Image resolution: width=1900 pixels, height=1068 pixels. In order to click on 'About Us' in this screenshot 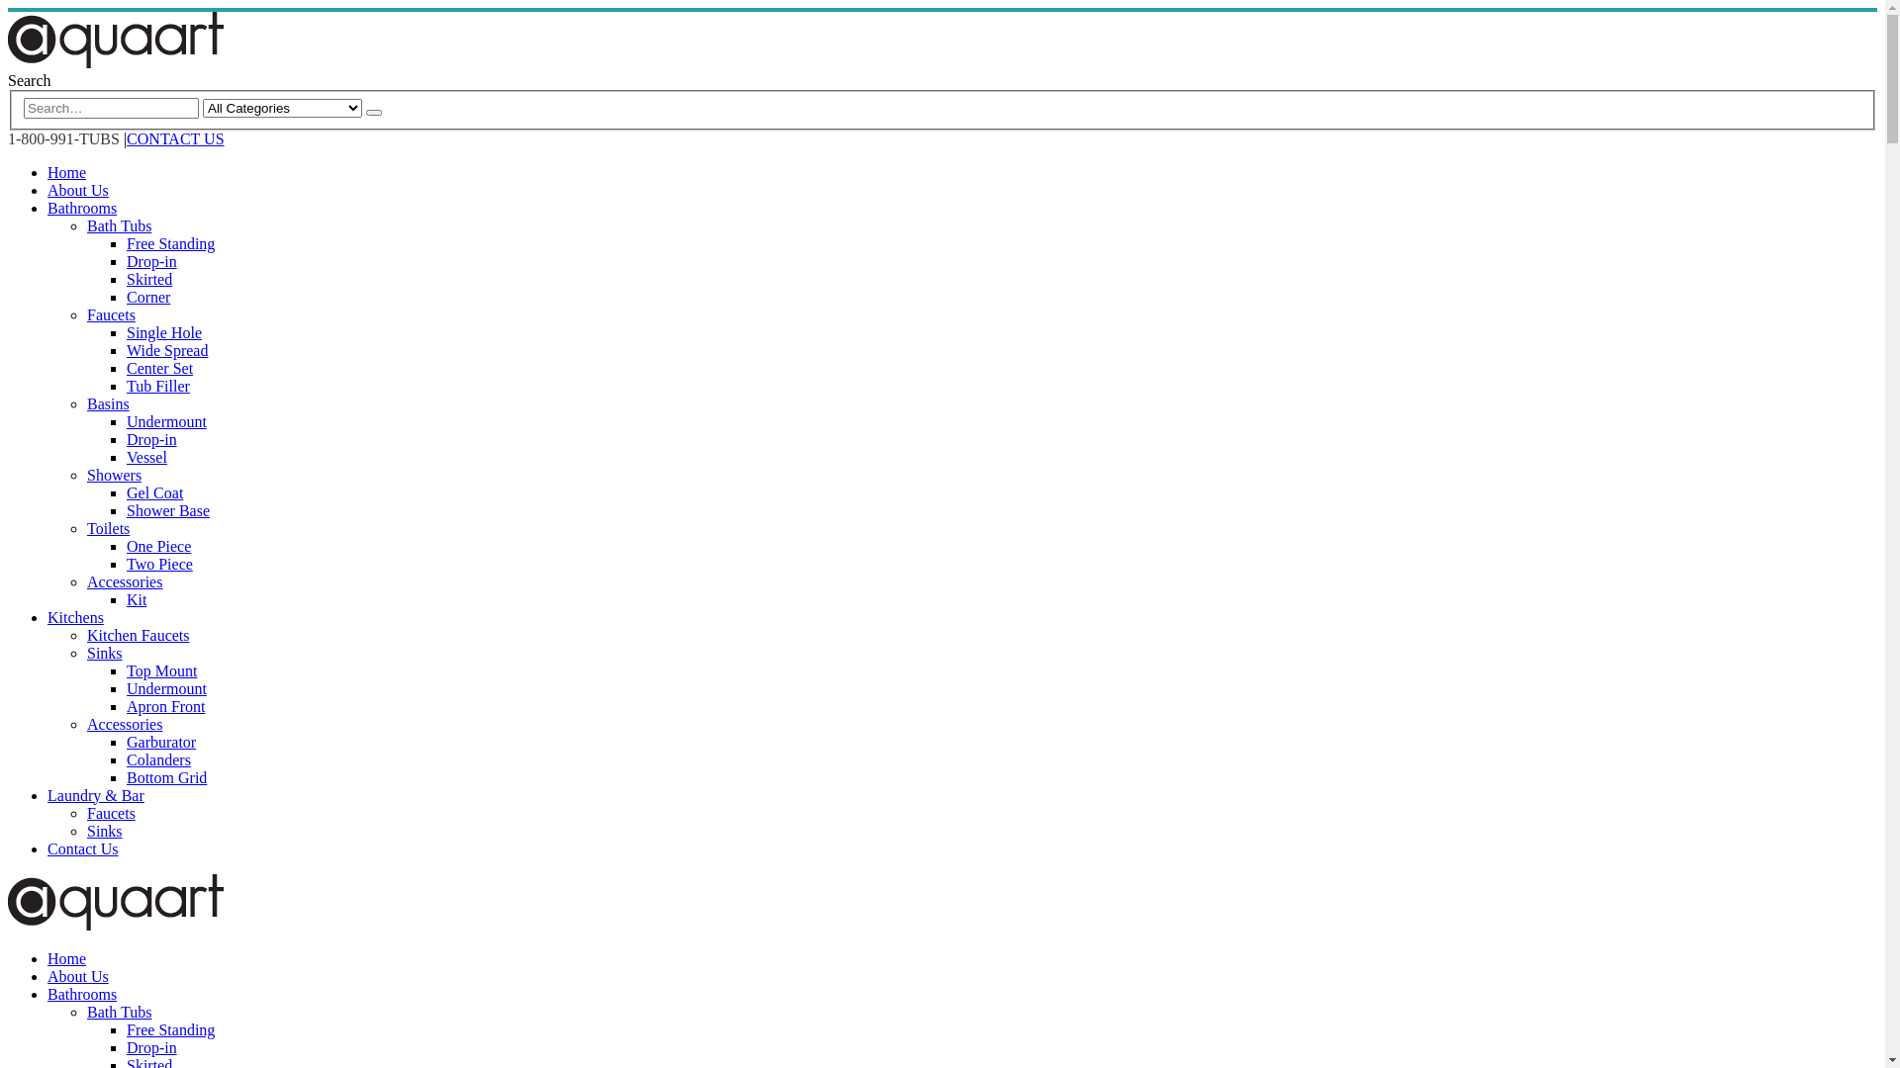, I will do `click(47, 190)`.